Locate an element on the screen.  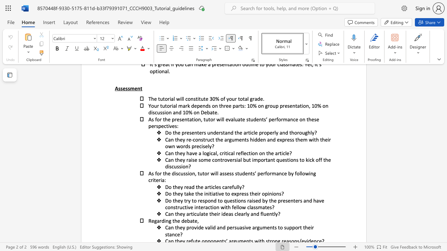
the subset text "to questions raised by the presenters and have constructive interaction w" within the text "Do they try to respond to questions raised by the presenters and have constructive interaction with fellow classmates?" is located at coordinates (217, 200).